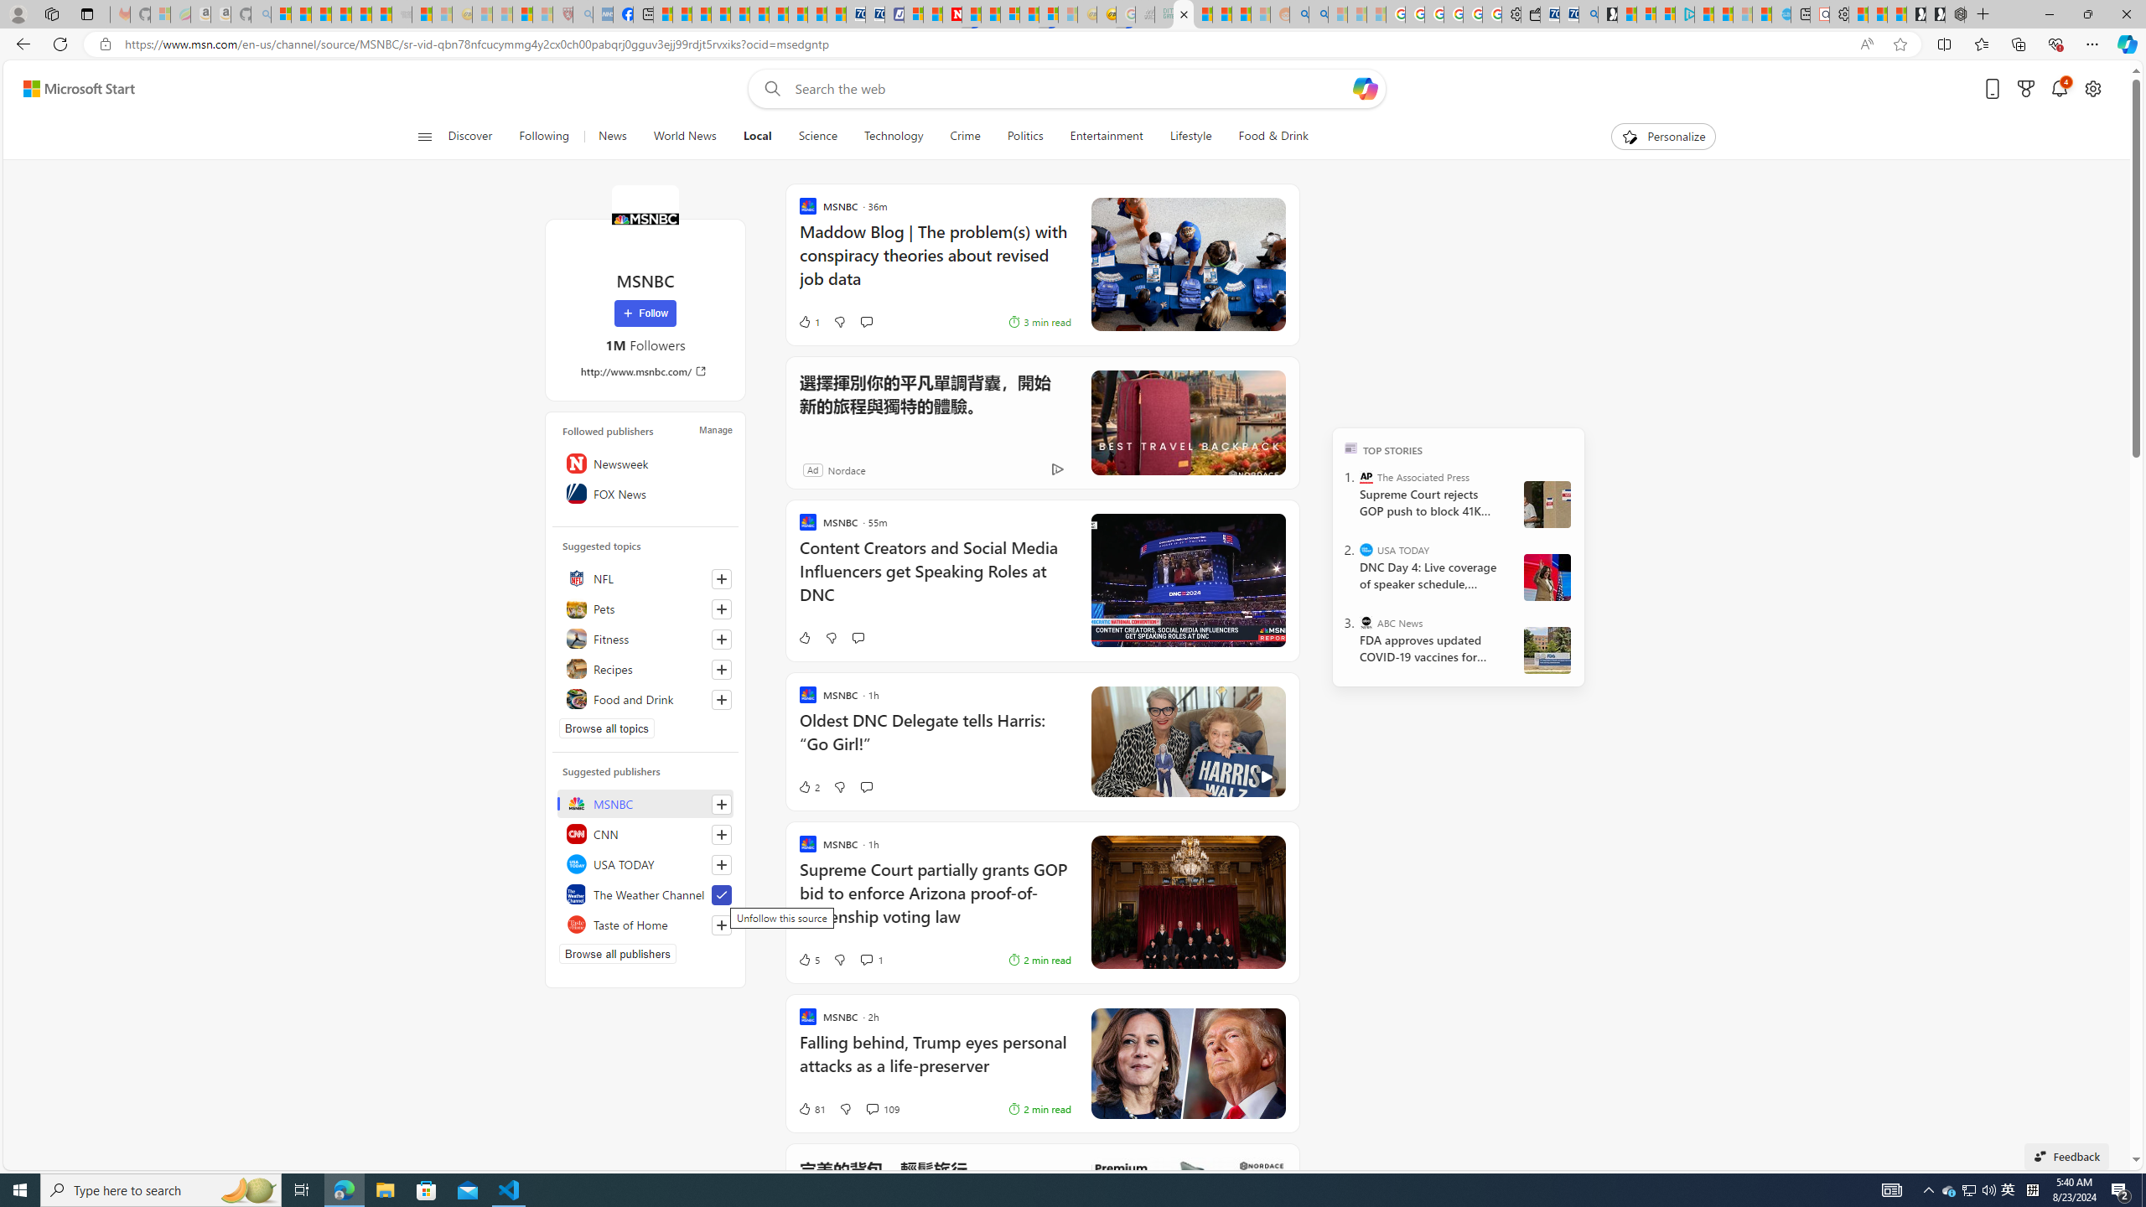 The height and width of the screenshot is (1207, 2146). I want to click on 'Browse all topics', so click(606, 728).